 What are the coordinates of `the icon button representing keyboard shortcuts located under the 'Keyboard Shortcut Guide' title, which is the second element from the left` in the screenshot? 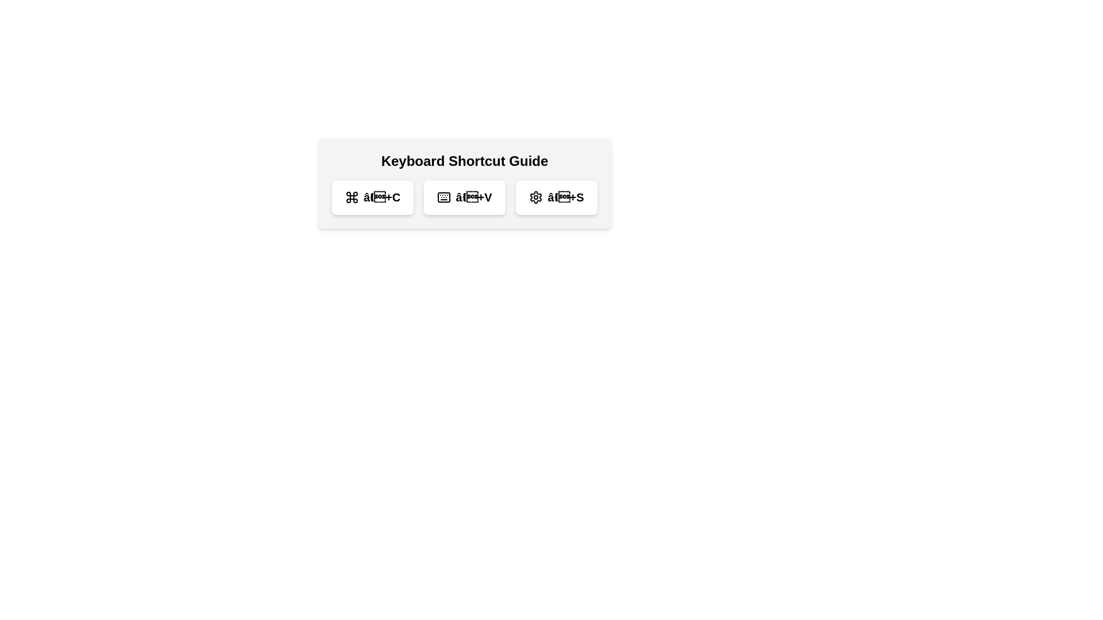 It's located at (443, 196).